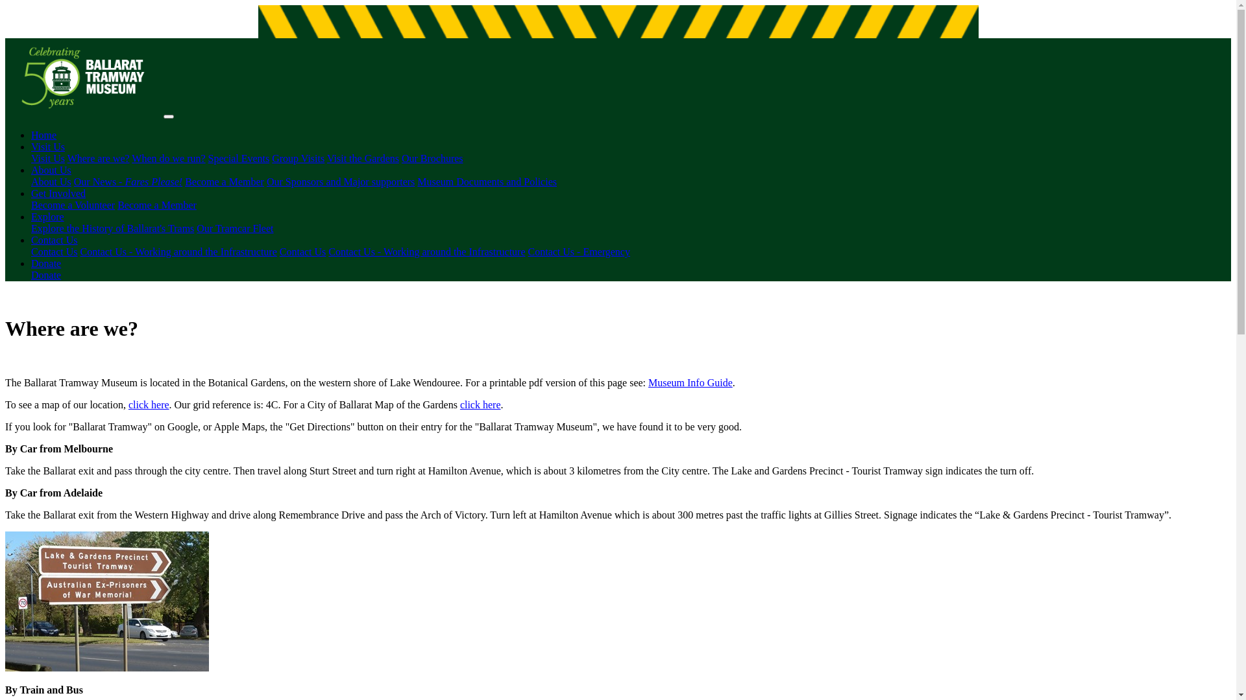 This screenshot has height=700, width=1246. I want to click on 'Home', so click(43, 135).